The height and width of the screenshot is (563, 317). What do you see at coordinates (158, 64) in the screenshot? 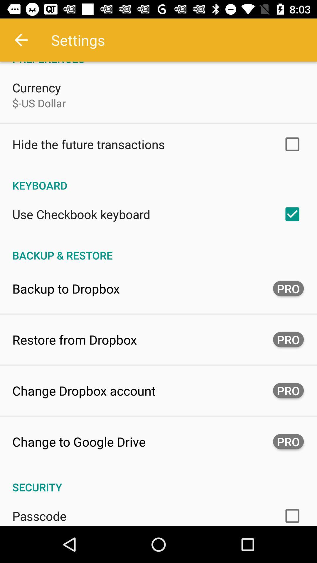
I see `the preferences app` at bounding box center [158, 64].